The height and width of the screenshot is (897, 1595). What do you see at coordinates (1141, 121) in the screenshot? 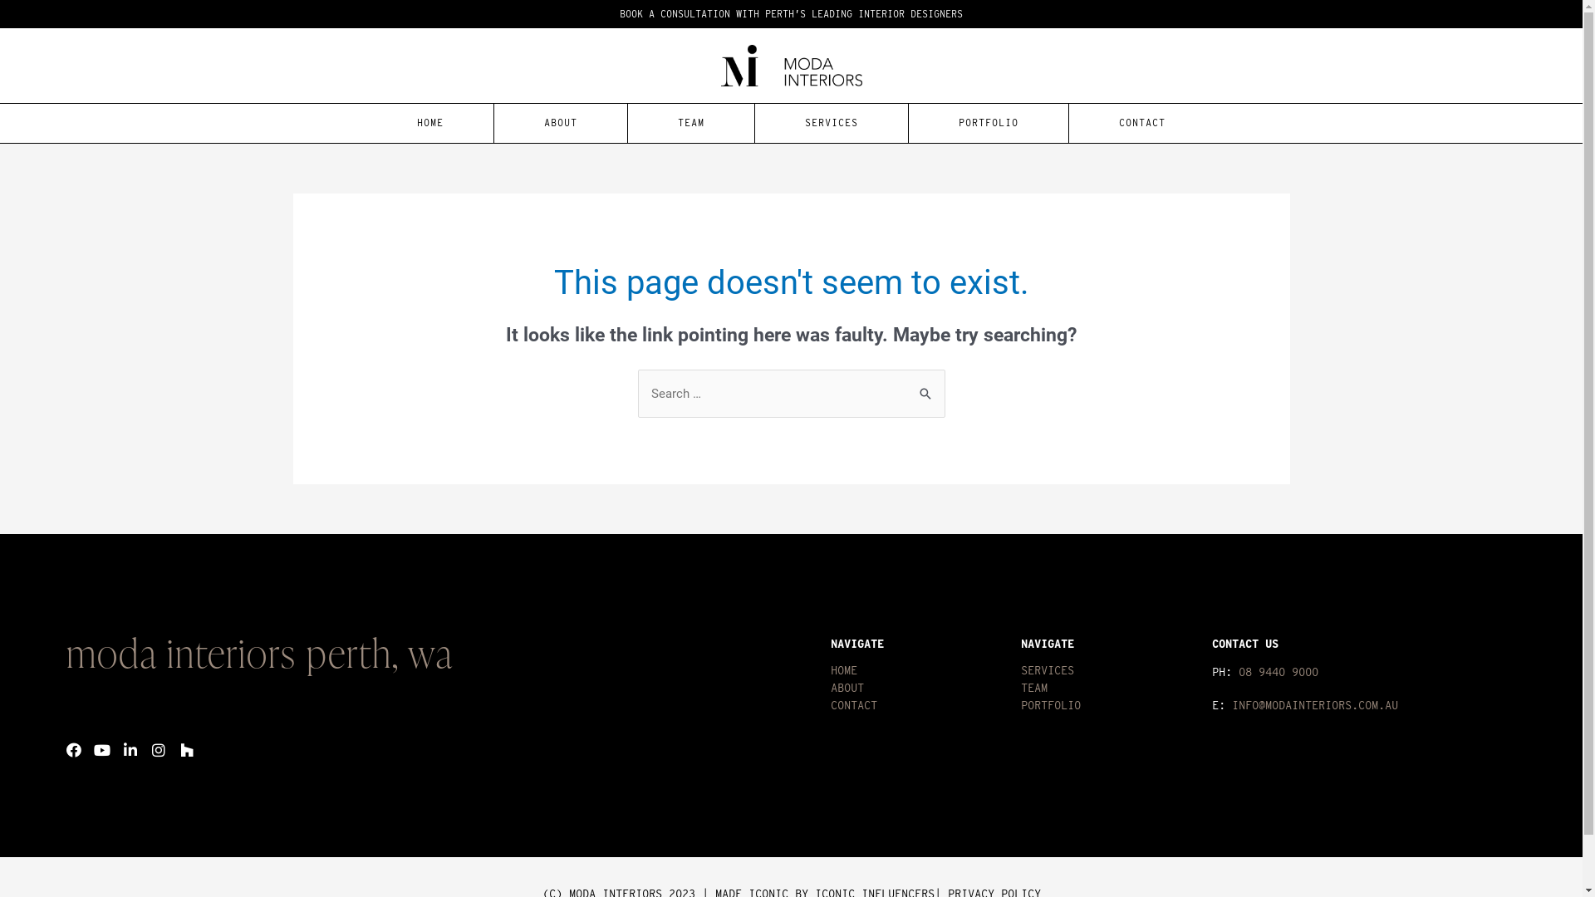
I see `'CONTACT'` at bounding box center [1141, 121].